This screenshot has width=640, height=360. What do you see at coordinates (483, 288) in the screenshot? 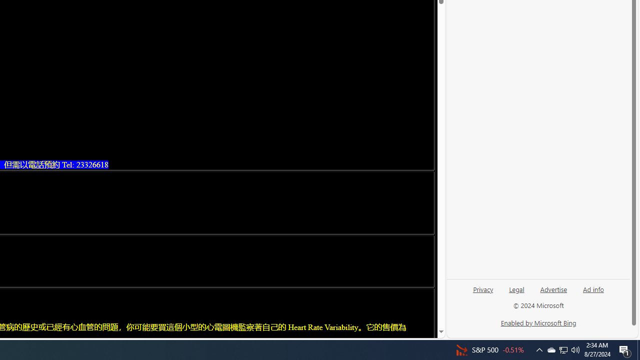
I see `'Privacy'` at bounding box center [483, 288].